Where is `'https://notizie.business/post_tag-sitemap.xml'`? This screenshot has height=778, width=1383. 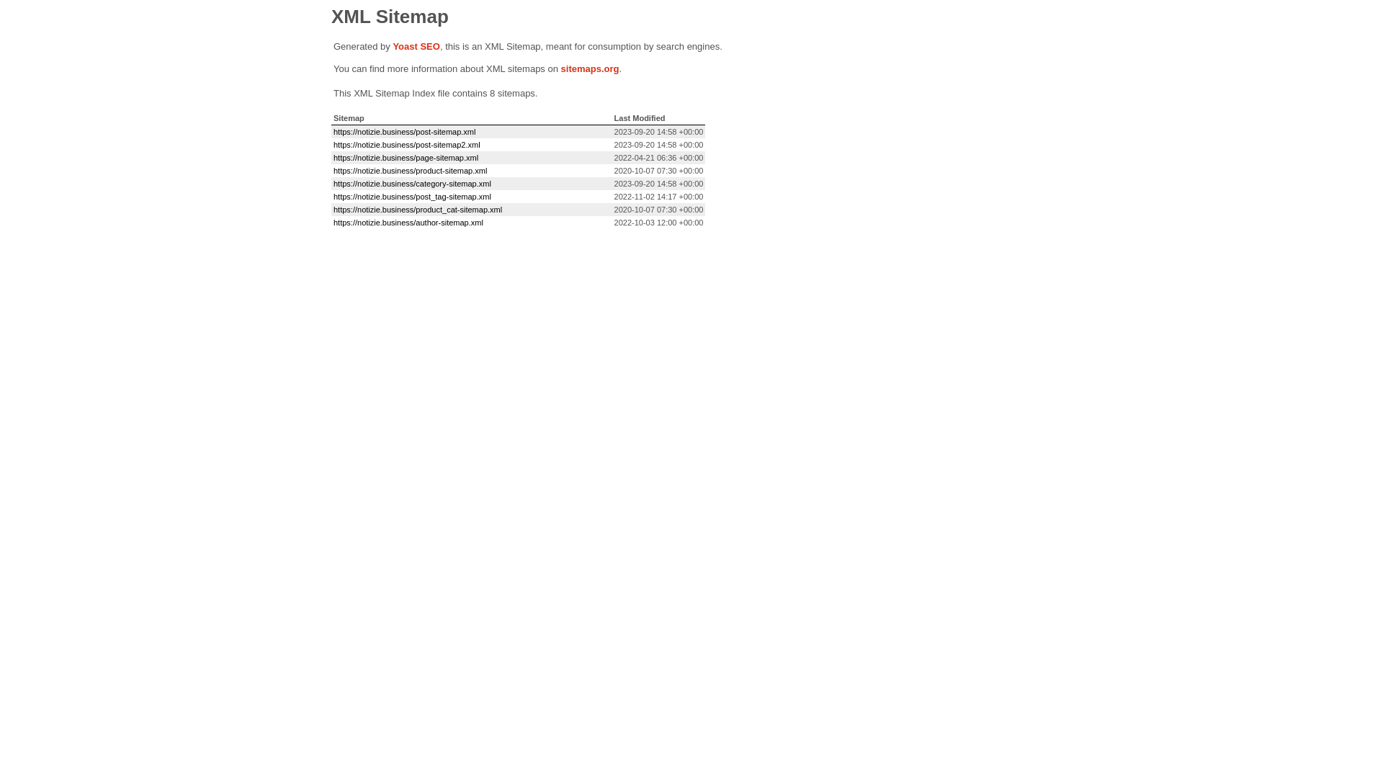 'https://notizie.business/post_tag-sitemap.xml' is located at coordinates (332, 197).